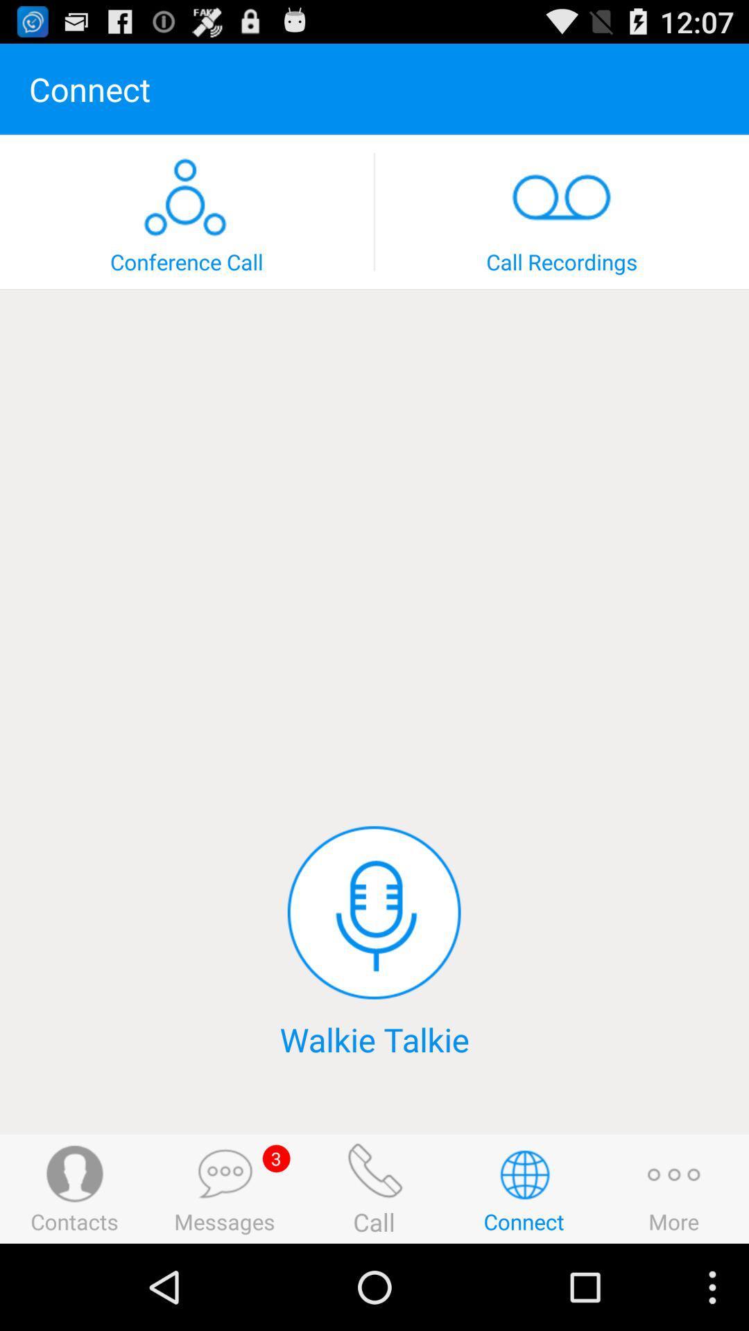 Image resolution: width=749 pixels, height=1331 pixels. Describe the element at coordinates (373, 912) in the screenshot. I see `mike/speak switch` at that location.